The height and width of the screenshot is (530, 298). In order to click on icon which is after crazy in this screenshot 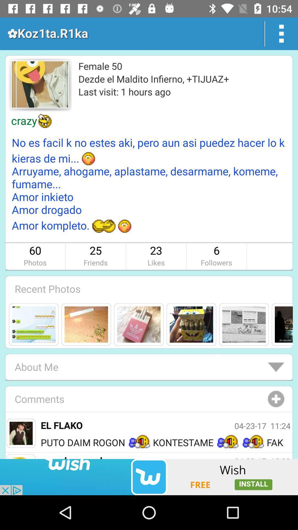, I will do `click(45, 120)`.